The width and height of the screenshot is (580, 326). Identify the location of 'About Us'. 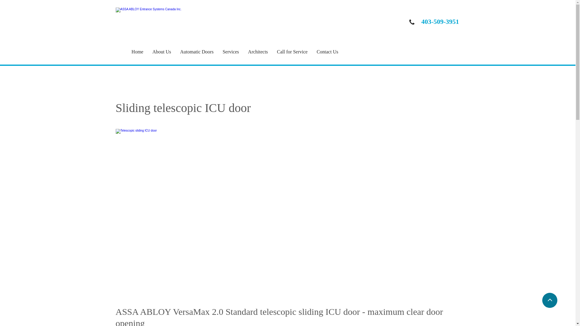
(166, 52).